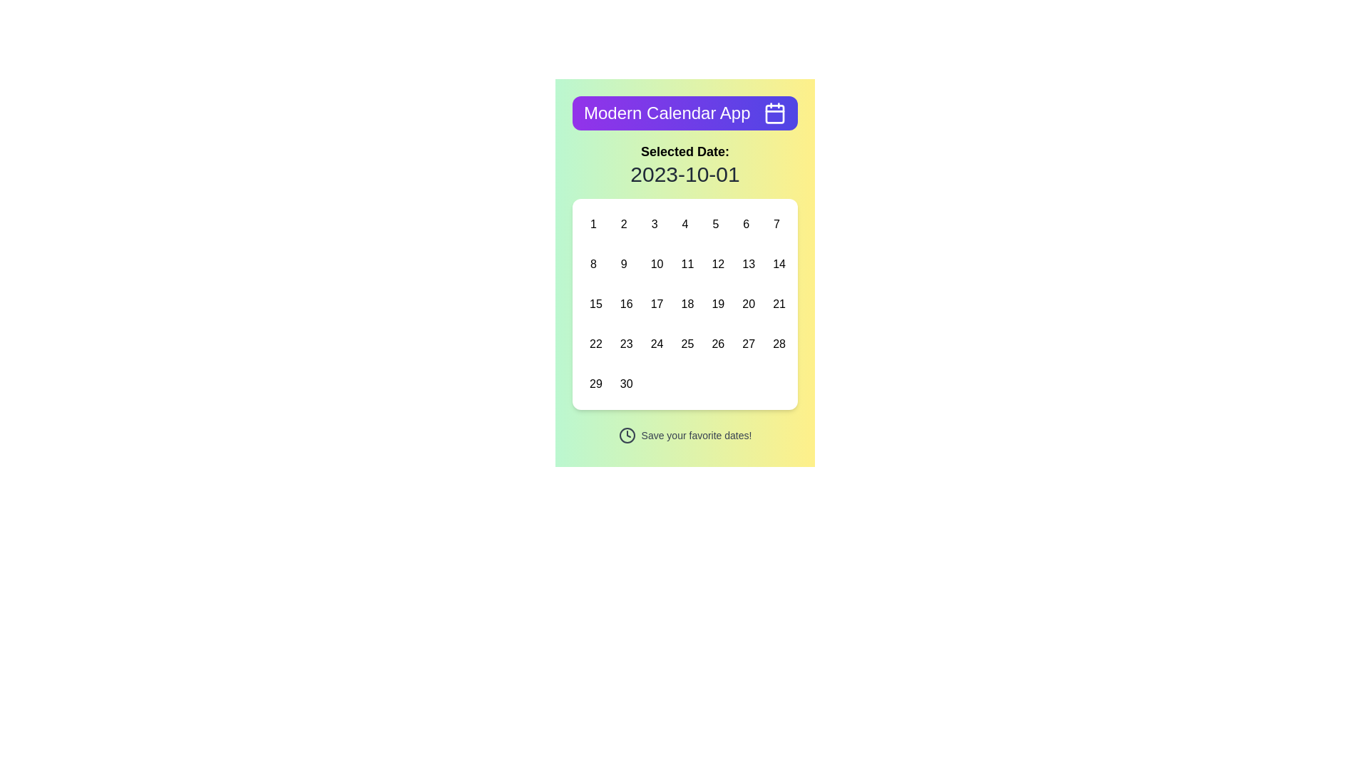 This screenshot has width=1369, height=770. What do you see at coordinates (776, 344) in the screenshot?
I see `the button representing the 28th day in the calendar` at bounding box center [776, 344].